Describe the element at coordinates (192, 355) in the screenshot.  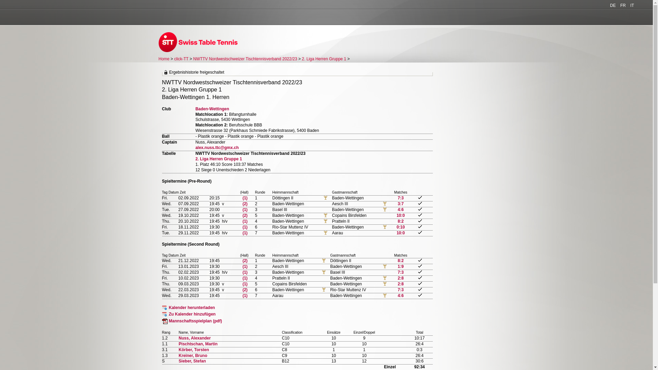
I see `'Kreiner, Bruno'` at that location.